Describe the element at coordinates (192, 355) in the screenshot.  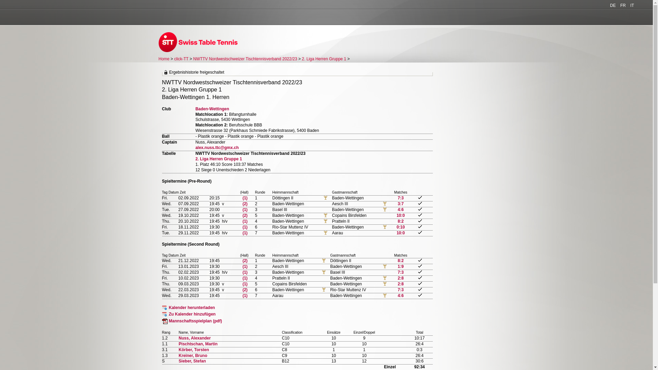
I see `'Kreiner, Bruno'` at that location.